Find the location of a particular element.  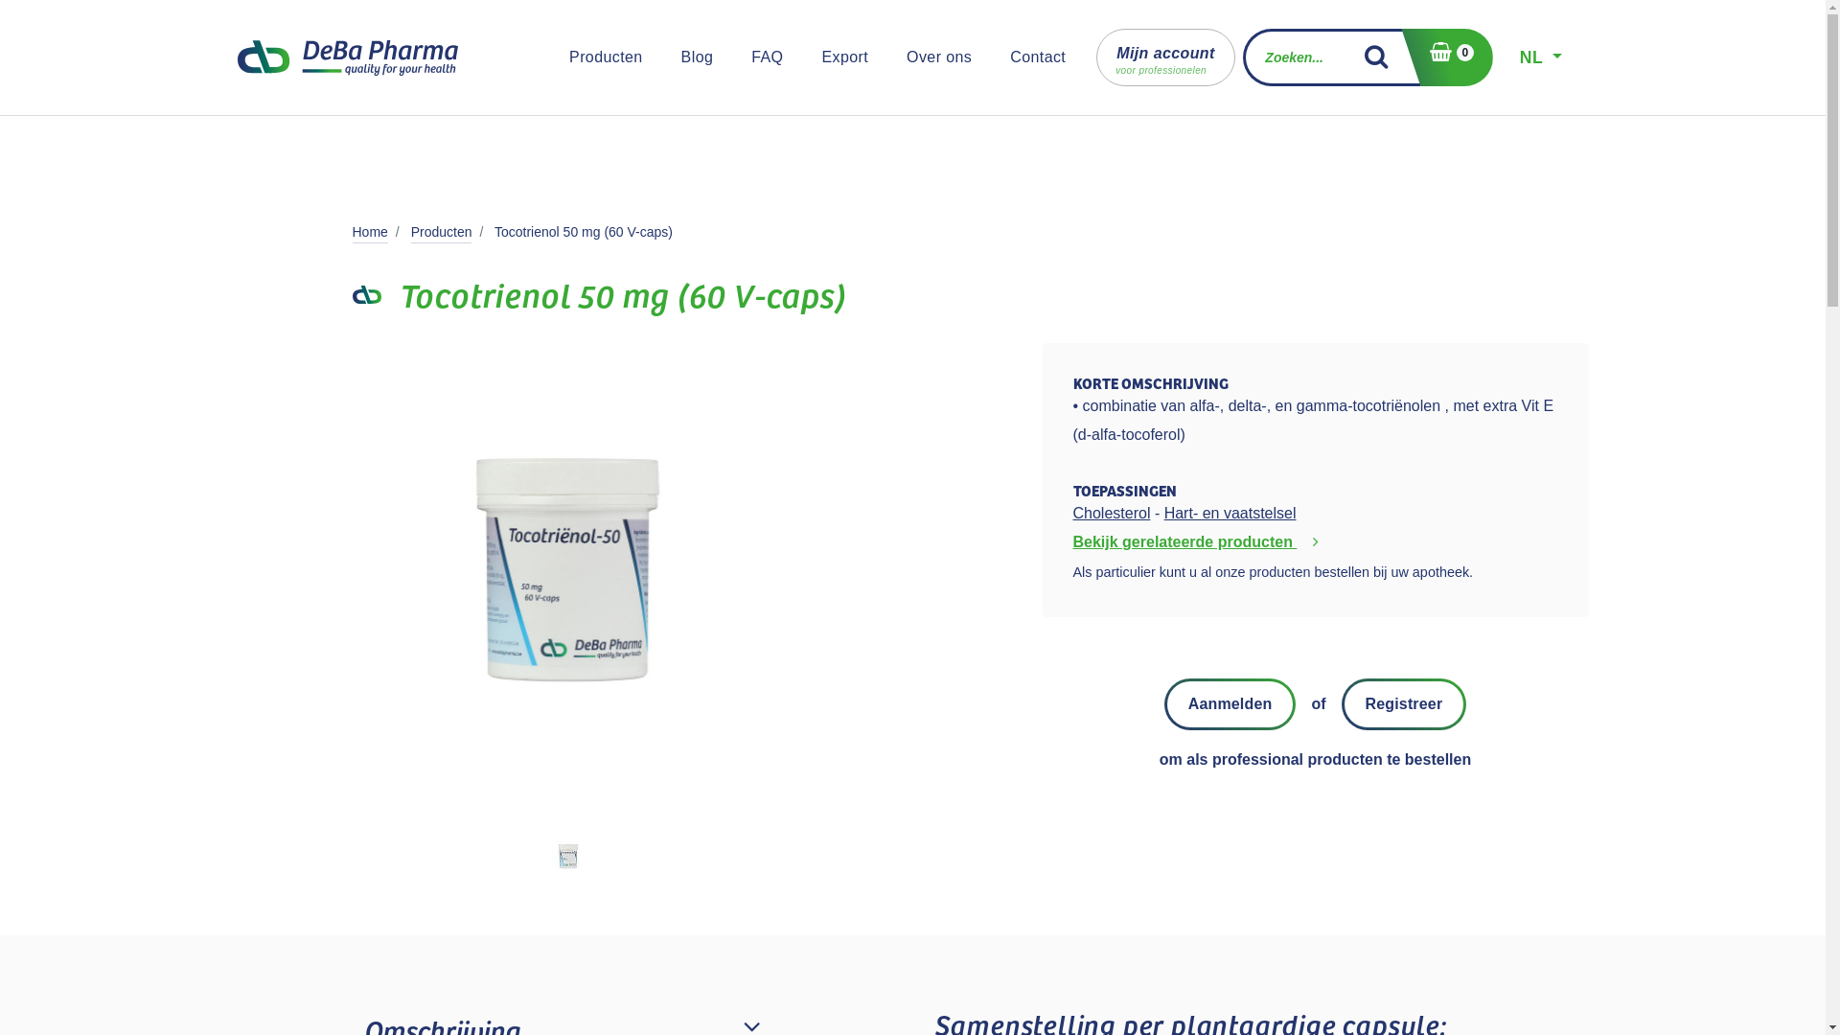

'NL' is located at coordinates (1541, 57).